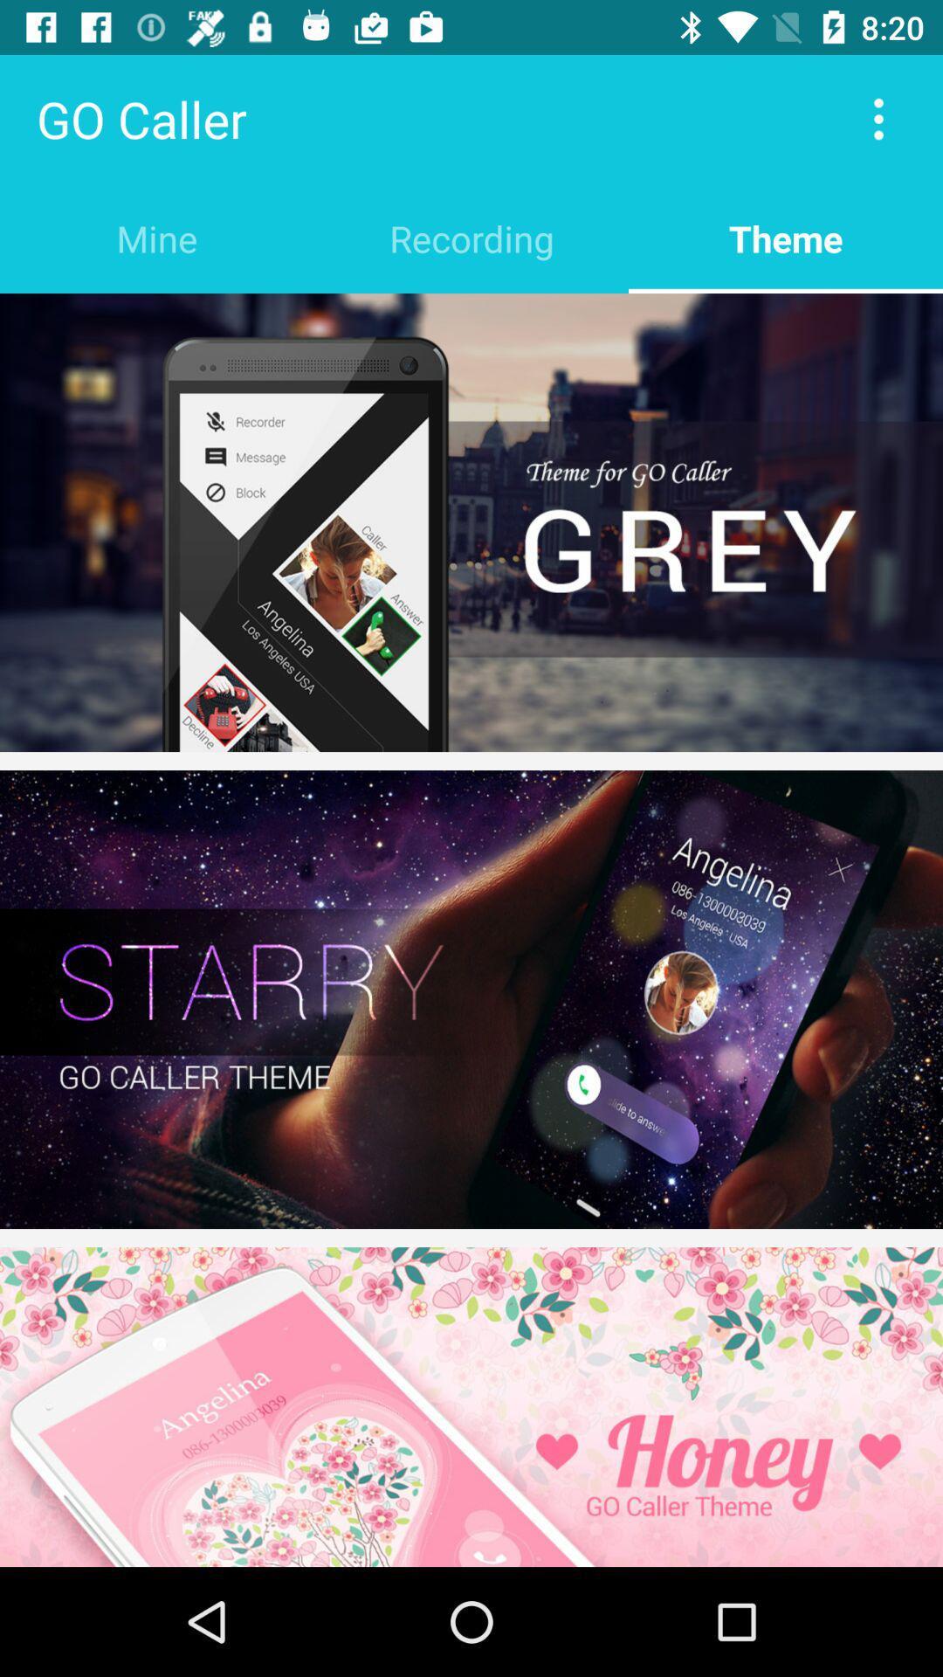 Image resolution: width=943 pixels, height=1677 pixels. Describe the element at coordinates (471, 1407) in the screenshot. I see `and go to the honey theme` at that location.